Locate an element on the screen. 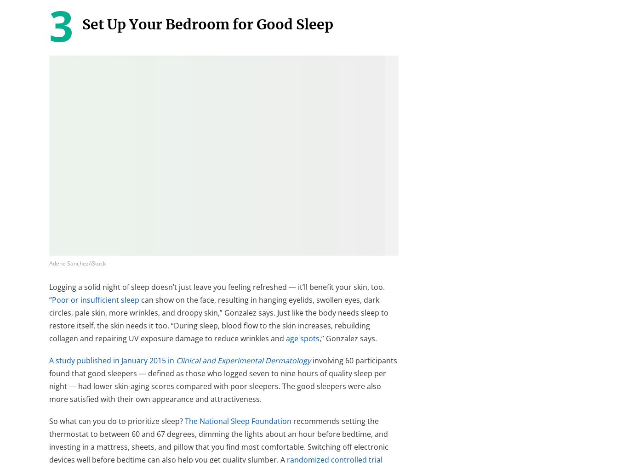 The width and height of the screenshot is (628, 463). 'The National Sleep Foundation' is located at coordinates (238, 420).